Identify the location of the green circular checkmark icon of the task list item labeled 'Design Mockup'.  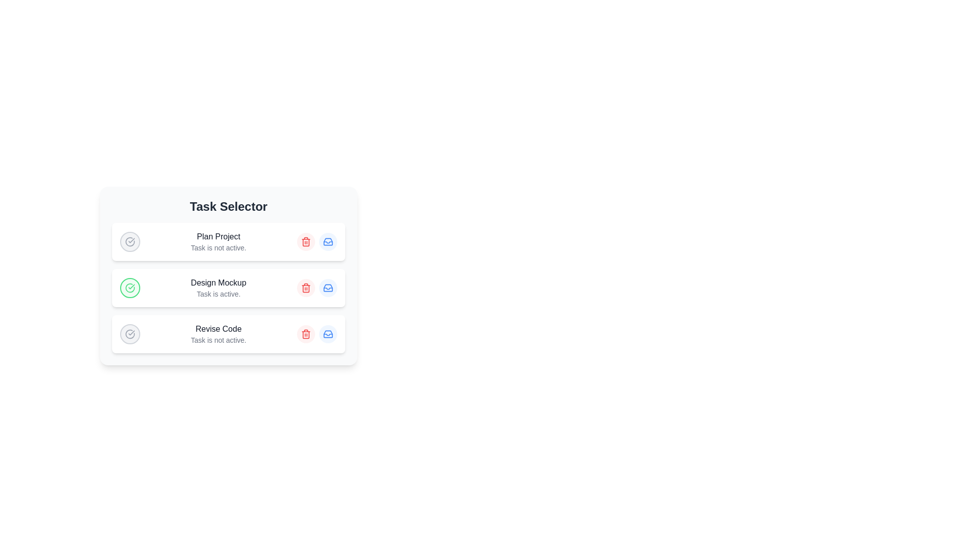
(228, 288).